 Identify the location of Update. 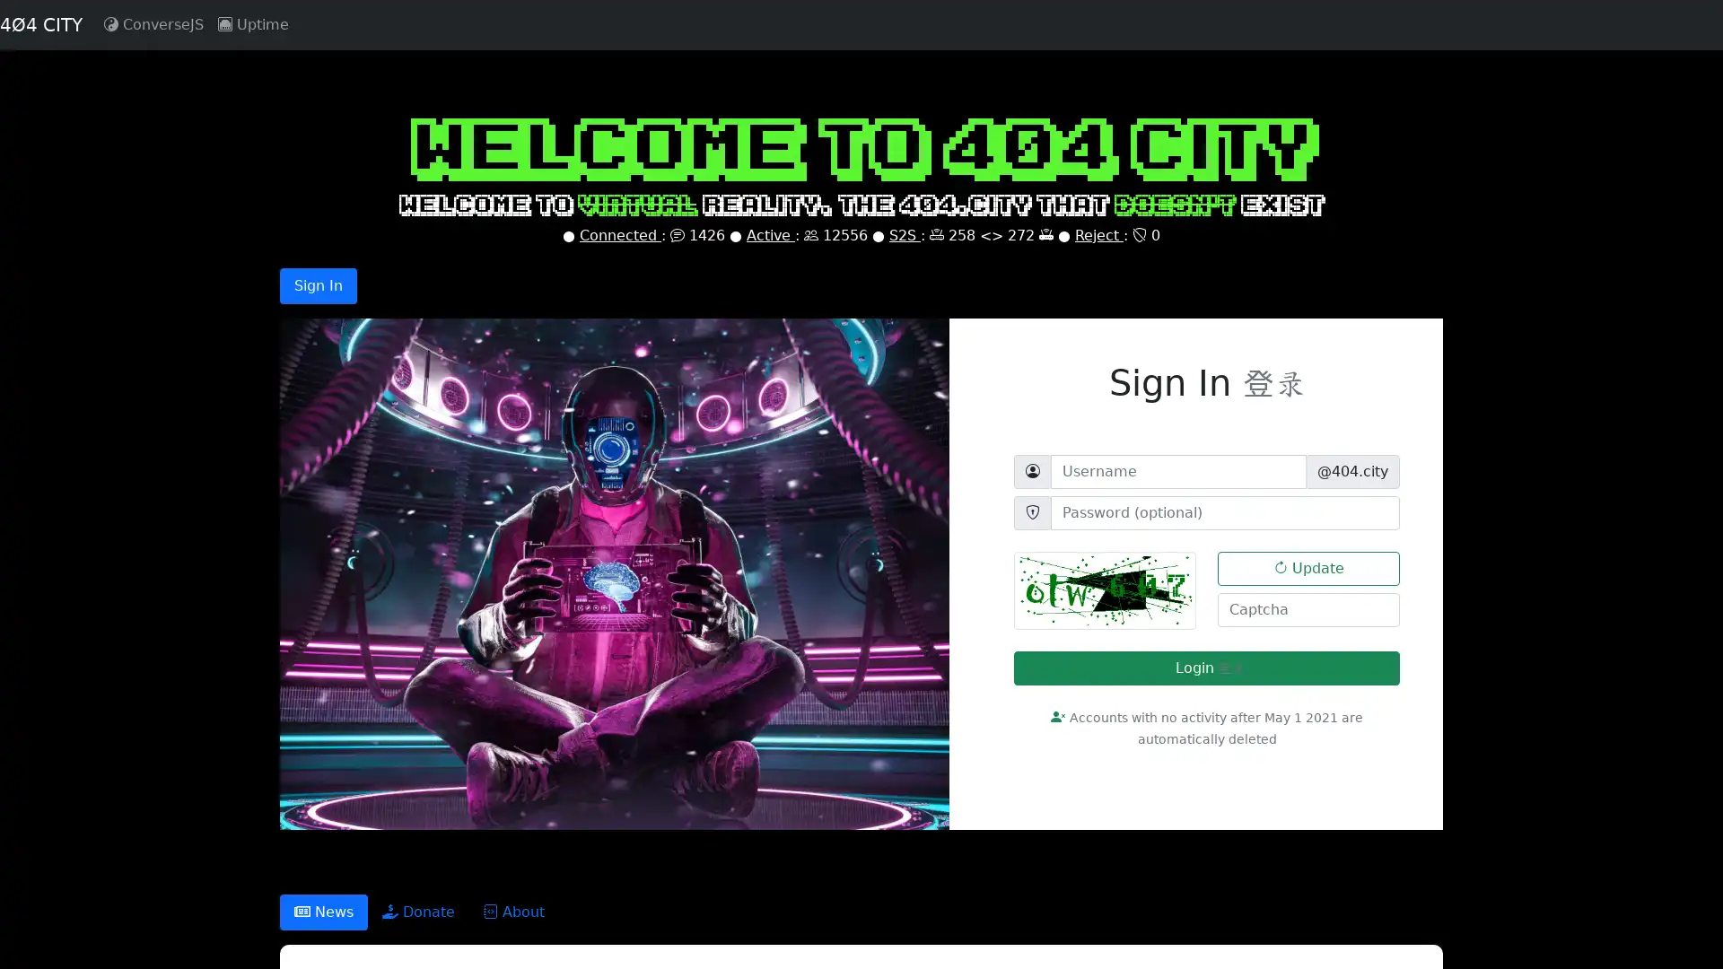
(1308, 568).